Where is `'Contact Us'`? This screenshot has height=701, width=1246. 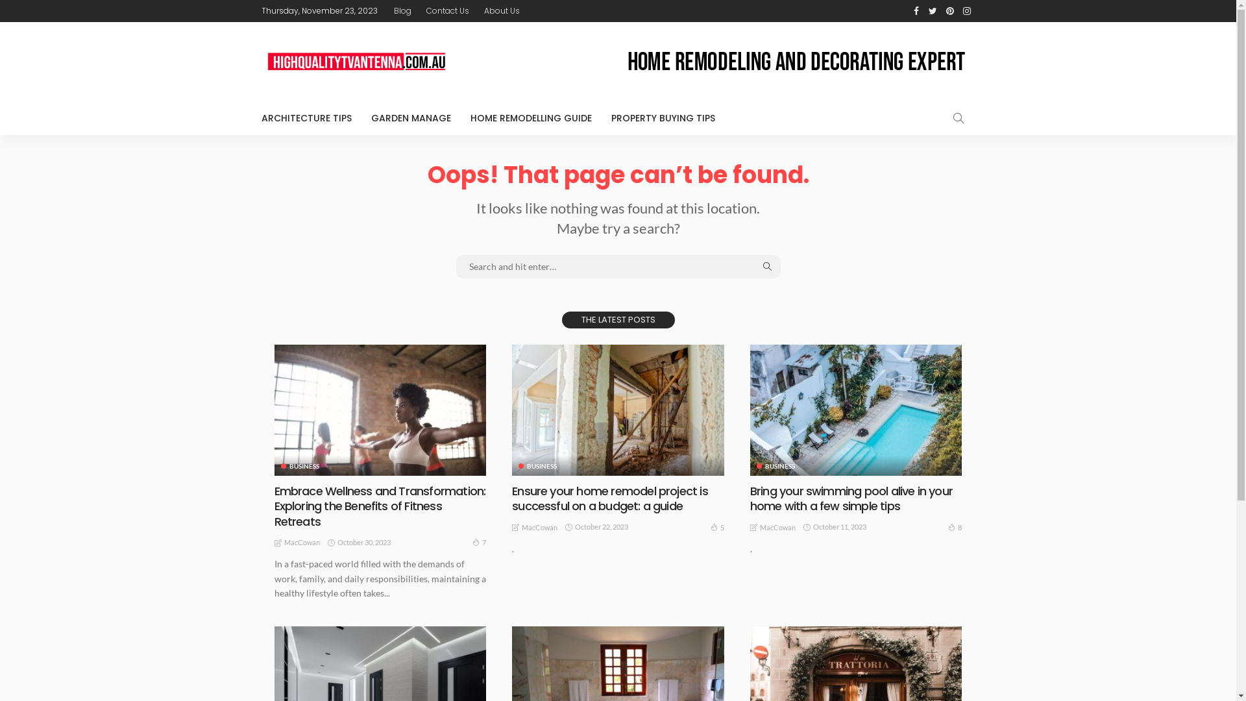 'Contact Us' is located at coordinates (419, 10).